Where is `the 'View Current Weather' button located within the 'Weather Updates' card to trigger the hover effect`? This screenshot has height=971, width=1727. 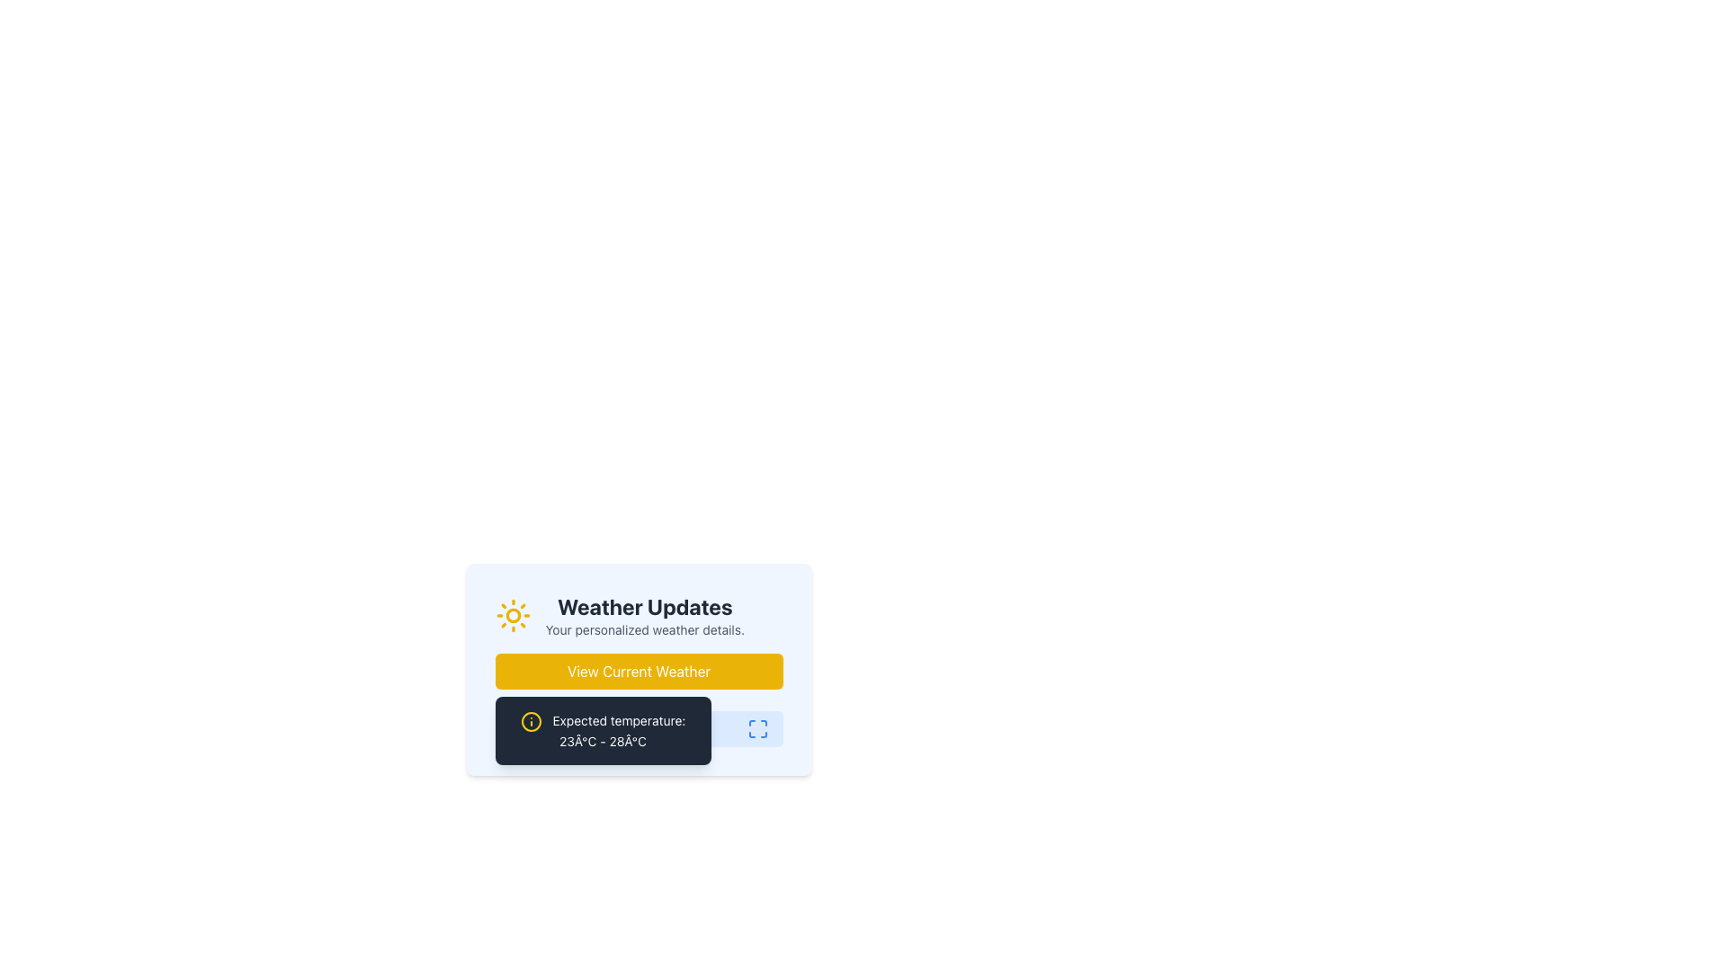 the 'View Current Weather' button located within the 'Weather Updates' card to trigger the hover effect is located at coordinates (639, 672).